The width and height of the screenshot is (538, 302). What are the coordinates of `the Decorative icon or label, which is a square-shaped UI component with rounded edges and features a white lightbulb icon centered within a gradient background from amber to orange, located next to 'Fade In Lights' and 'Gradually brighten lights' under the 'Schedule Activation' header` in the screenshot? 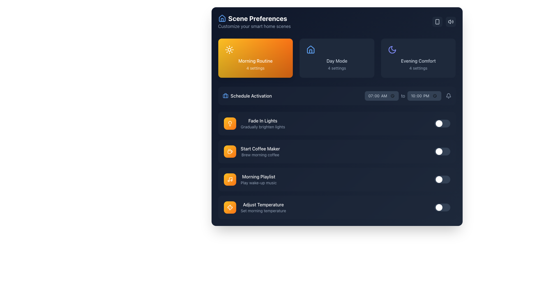 It's located at (230, 123).